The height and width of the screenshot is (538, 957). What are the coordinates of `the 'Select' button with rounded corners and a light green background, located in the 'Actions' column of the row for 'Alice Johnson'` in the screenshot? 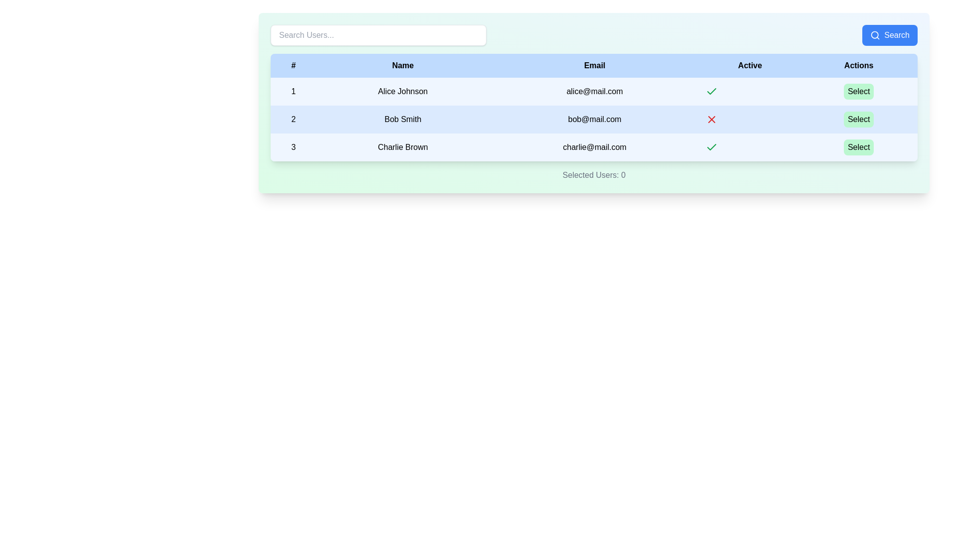 It's located at (858, 92).